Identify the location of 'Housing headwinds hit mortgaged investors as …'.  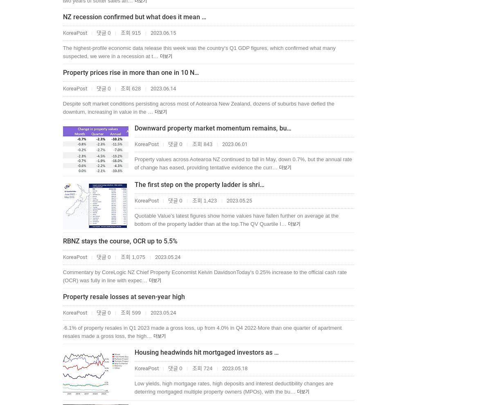
(206, 352).